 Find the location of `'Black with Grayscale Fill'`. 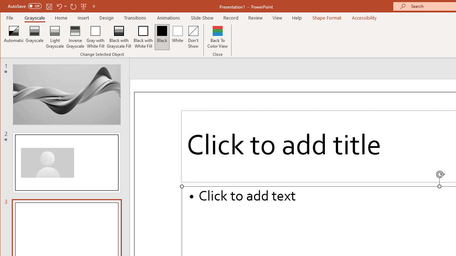

'Black with Grayscale Fill' is located at coordinates (119, 37).